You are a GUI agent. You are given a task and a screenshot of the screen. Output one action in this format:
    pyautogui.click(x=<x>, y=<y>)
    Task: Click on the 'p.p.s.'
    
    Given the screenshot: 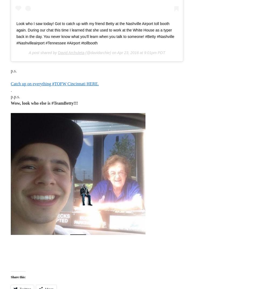 What is the action you would take?
    pyautogui.click(x=15, y=96)
    